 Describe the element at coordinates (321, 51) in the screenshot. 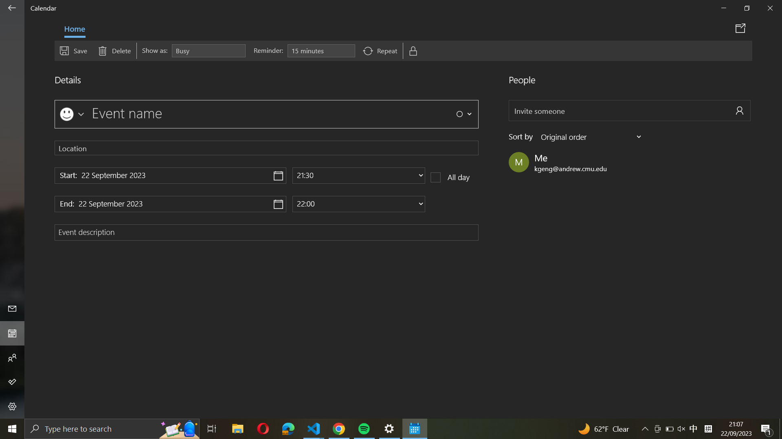

I see `up an event reminder` at that location.